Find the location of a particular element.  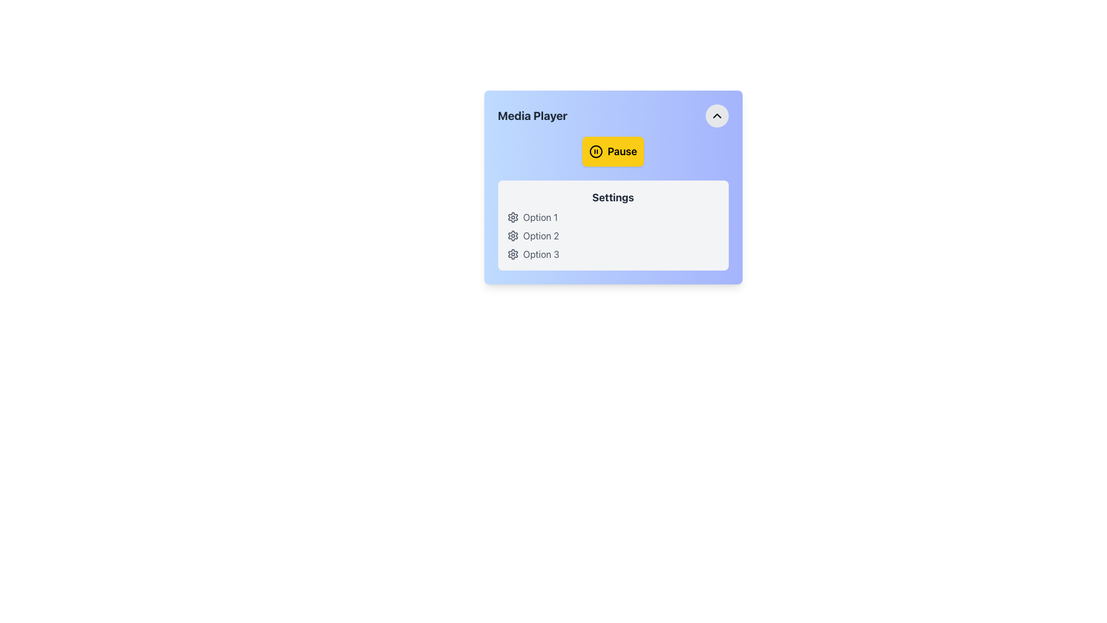

the pause button located centrally beneath the 'Media Player' heading is located at coordinates (612, 151).